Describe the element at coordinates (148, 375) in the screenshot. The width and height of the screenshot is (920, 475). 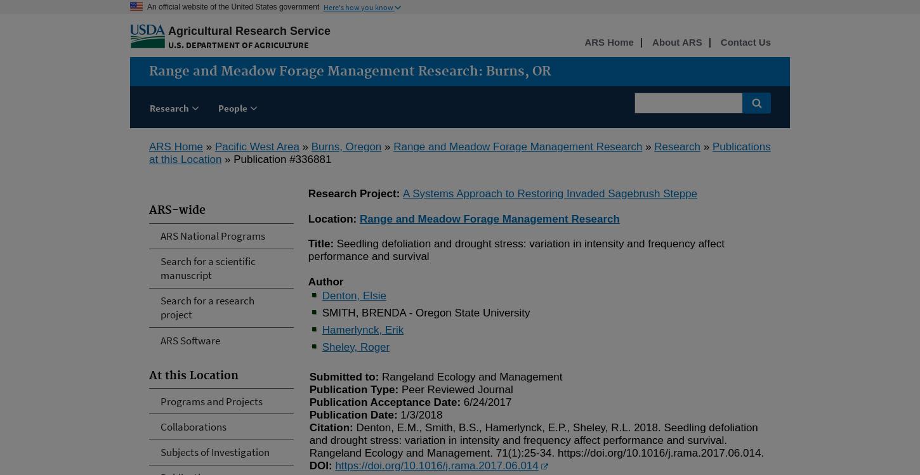
I see `'At this Location'` at that location.